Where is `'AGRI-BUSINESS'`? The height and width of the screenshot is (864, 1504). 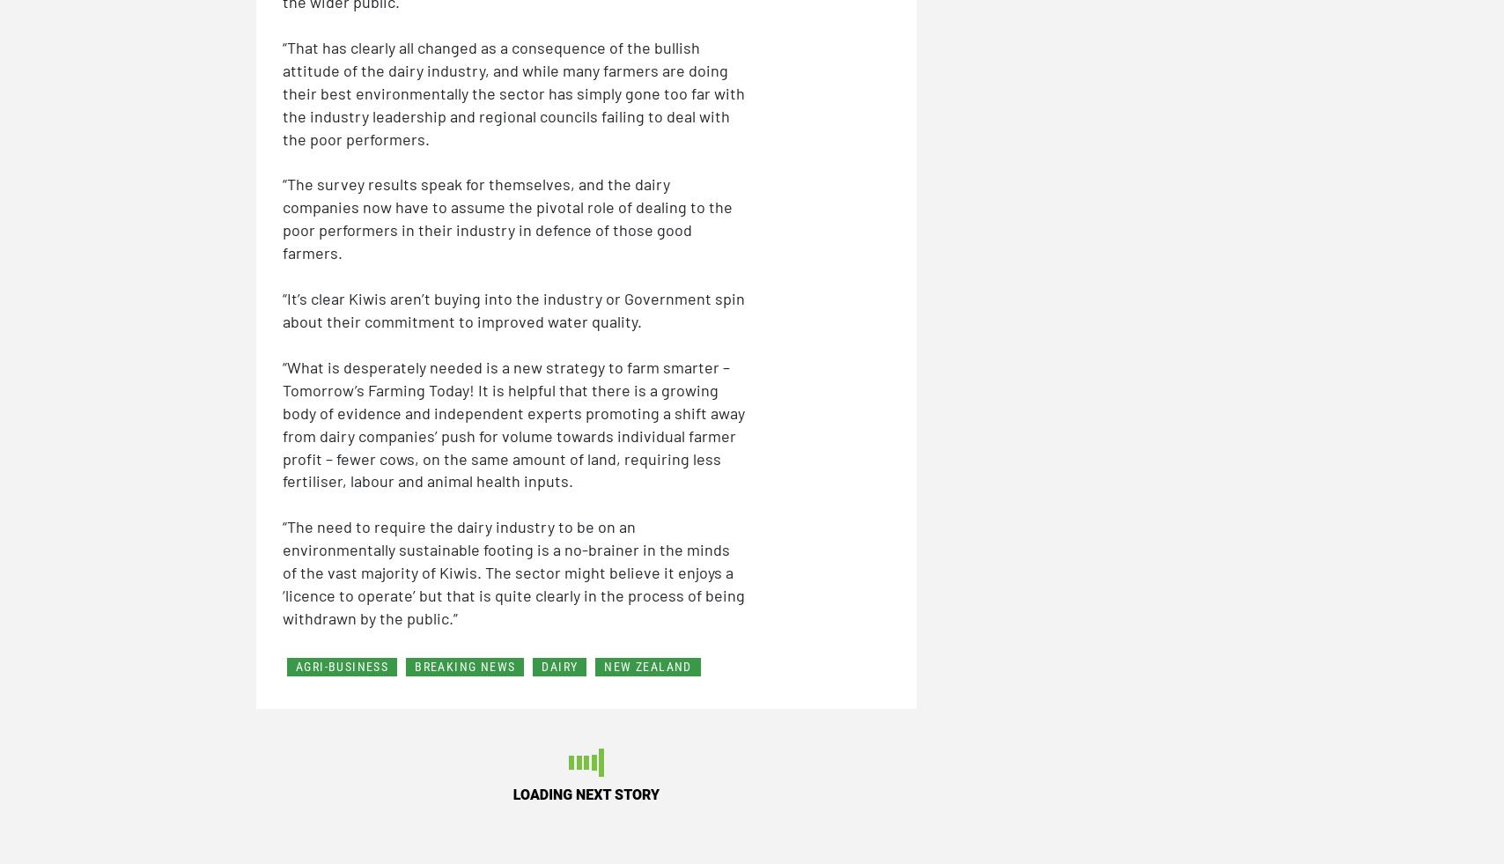
'AGRI-BUSINESS' is located at coordinates (295, 665).